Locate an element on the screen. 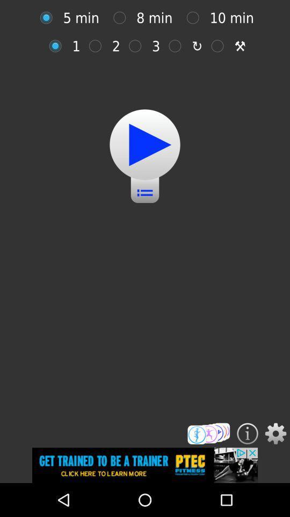  audio repeat is located at coordinates (58, 46).